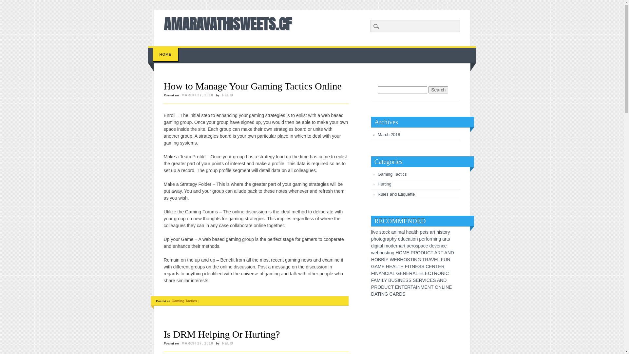  What do you see at coordinates (412, 246) in the screenshot?
I see `'r'` at bounding box center [412, 246].